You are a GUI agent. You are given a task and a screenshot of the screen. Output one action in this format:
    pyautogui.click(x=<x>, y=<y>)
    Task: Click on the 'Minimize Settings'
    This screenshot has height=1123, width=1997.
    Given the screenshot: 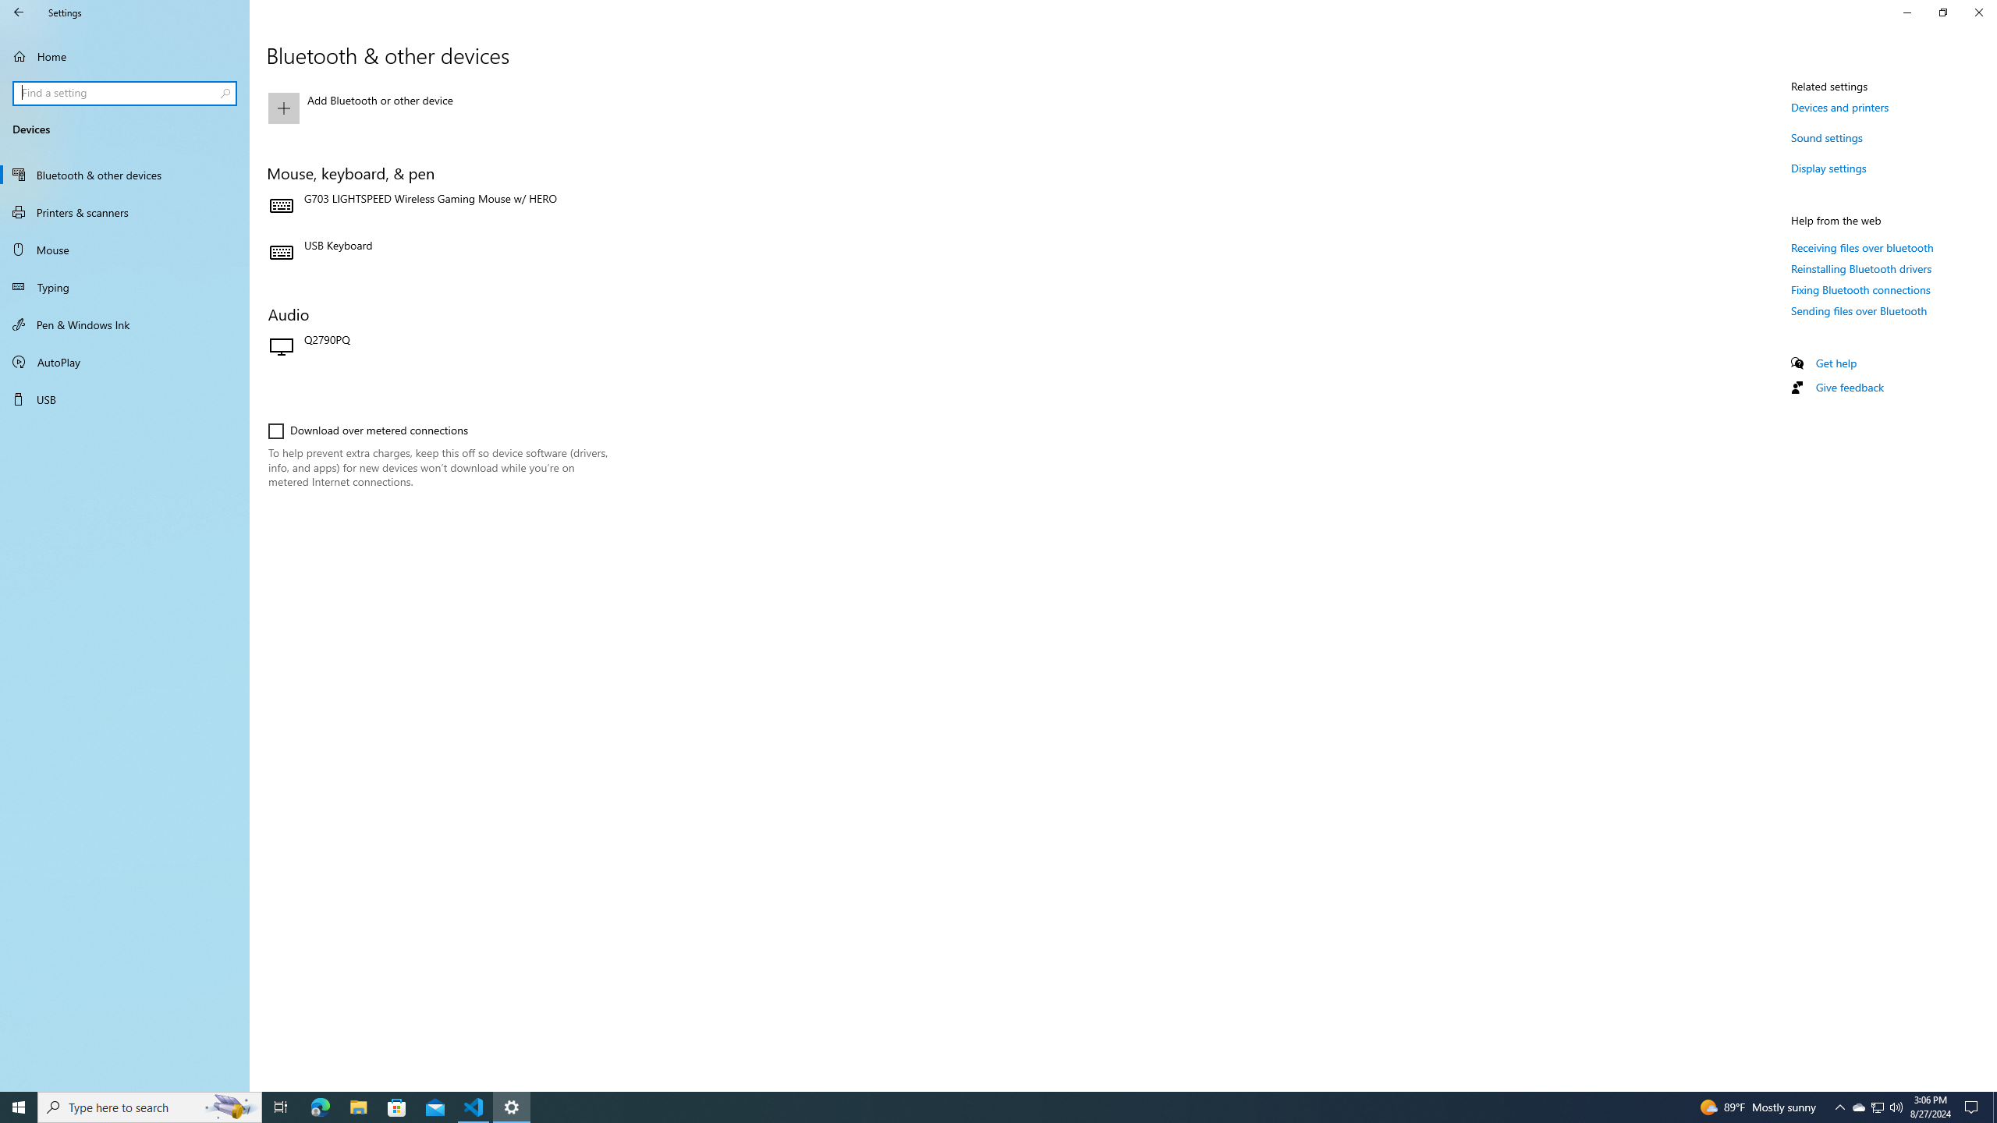 What is the action you would take?
    pyautogui.click(x=1906, y=12)
    